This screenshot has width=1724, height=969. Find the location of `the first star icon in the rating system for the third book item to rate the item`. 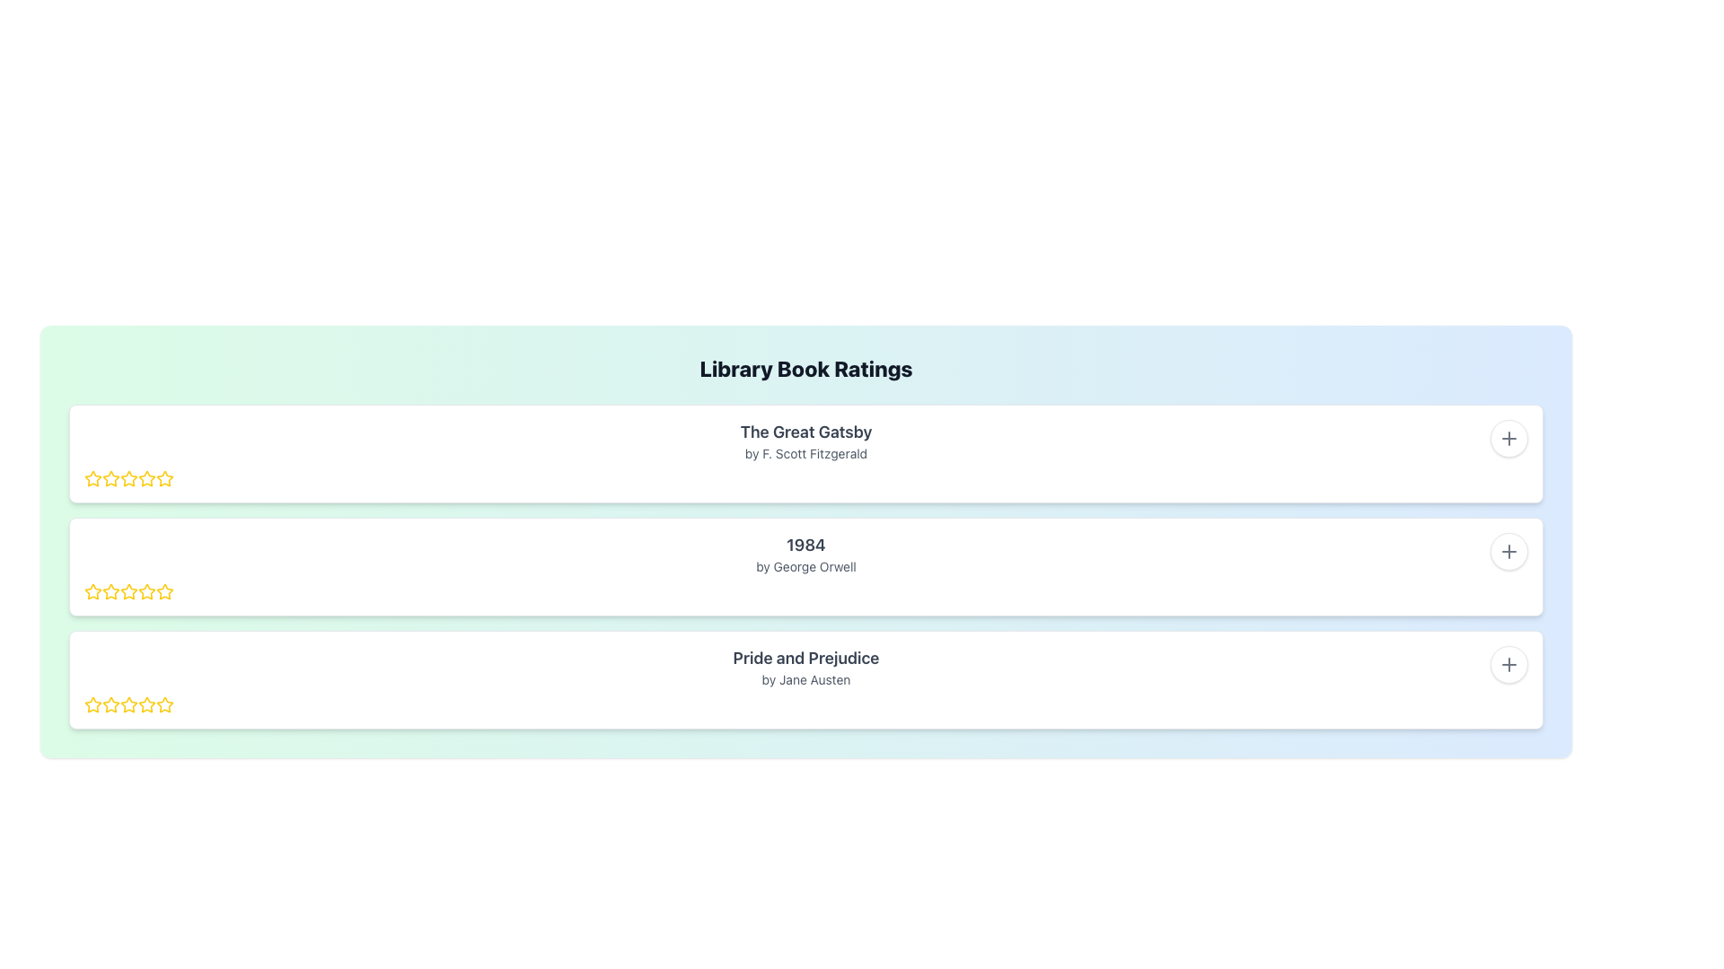

the first star icon in the rating system for the third book item to rate the item is located at coordinates (92, 704).